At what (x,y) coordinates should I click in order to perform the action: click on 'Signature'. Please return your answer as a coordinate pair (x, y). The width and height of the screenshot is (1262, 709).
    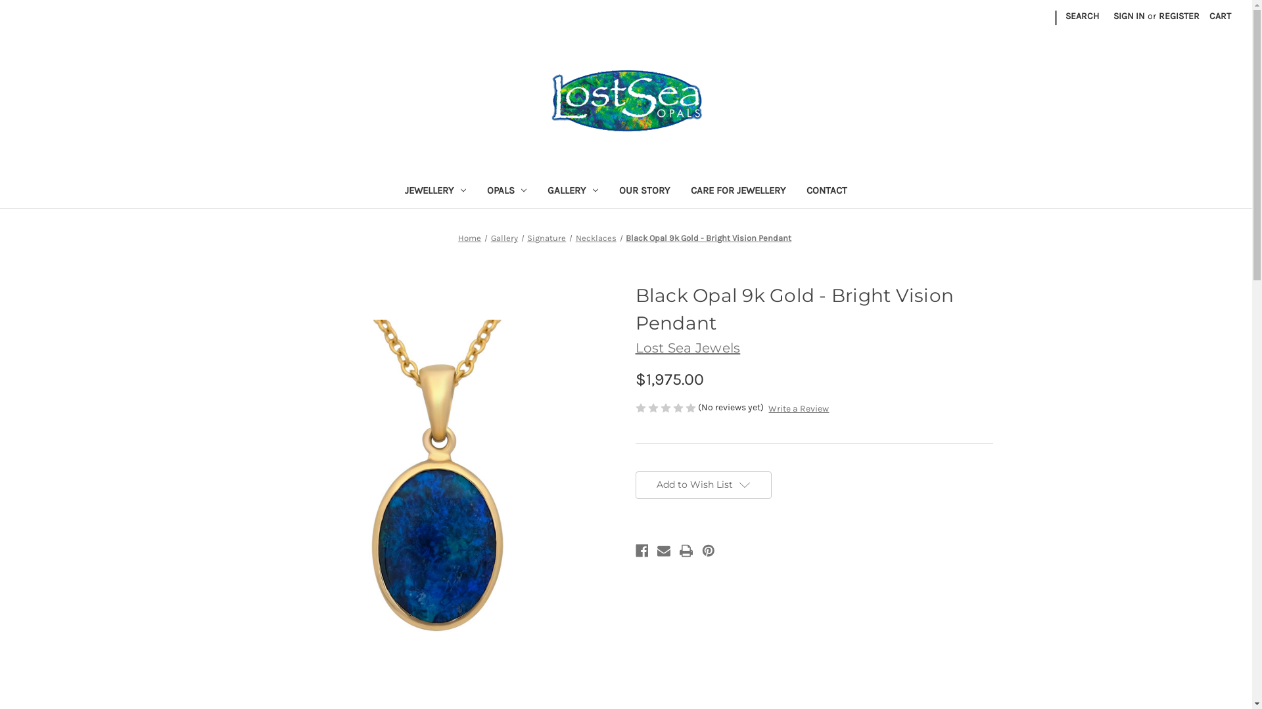
    Looking at the image, I should click on (546, 238).